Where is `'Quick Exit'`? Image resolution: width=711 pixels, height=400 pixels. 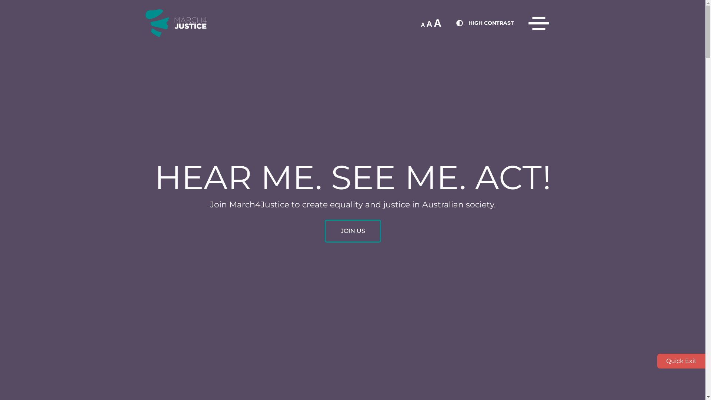
'Quick Exit' is located at coordinates (681, 361).